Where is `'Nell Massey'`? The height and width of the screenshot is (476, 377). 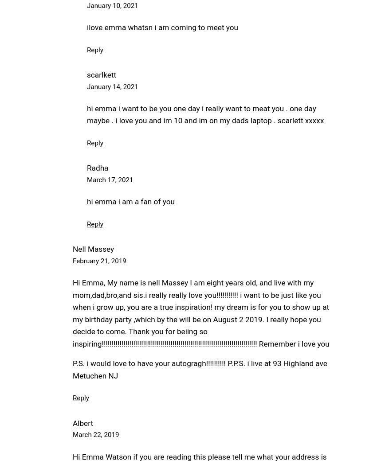 'Nell Massey' is located at coordinates (93, 249).